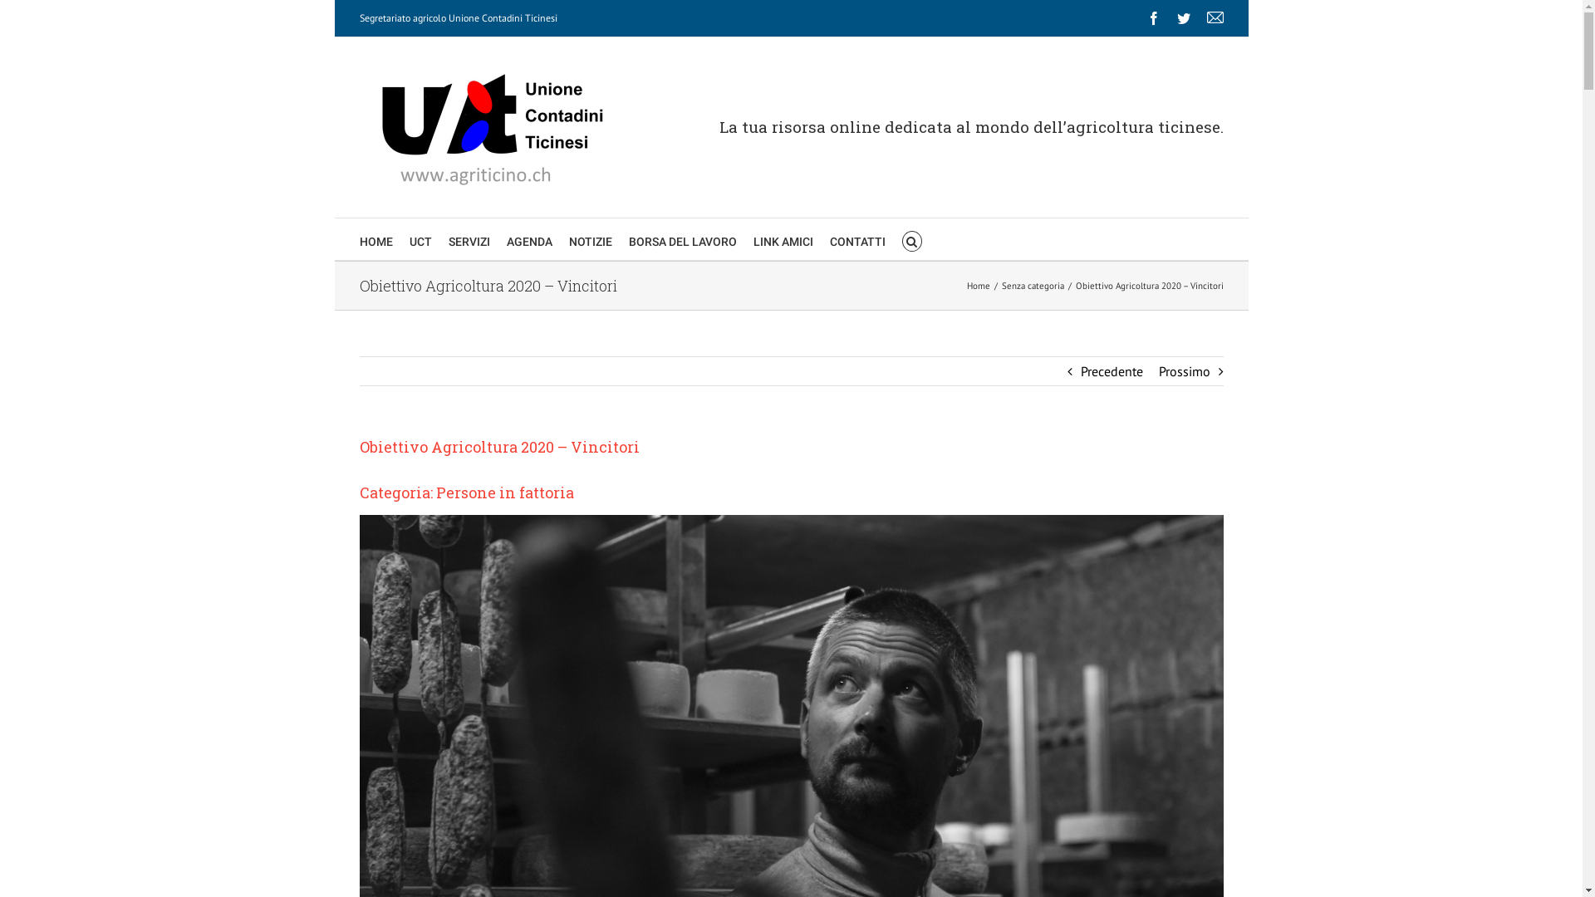 This screenshot has width=1595, height=897. Describe the element at coordinates (856, 239) in the screenshot. I see `'CONTATTI'` at that location.